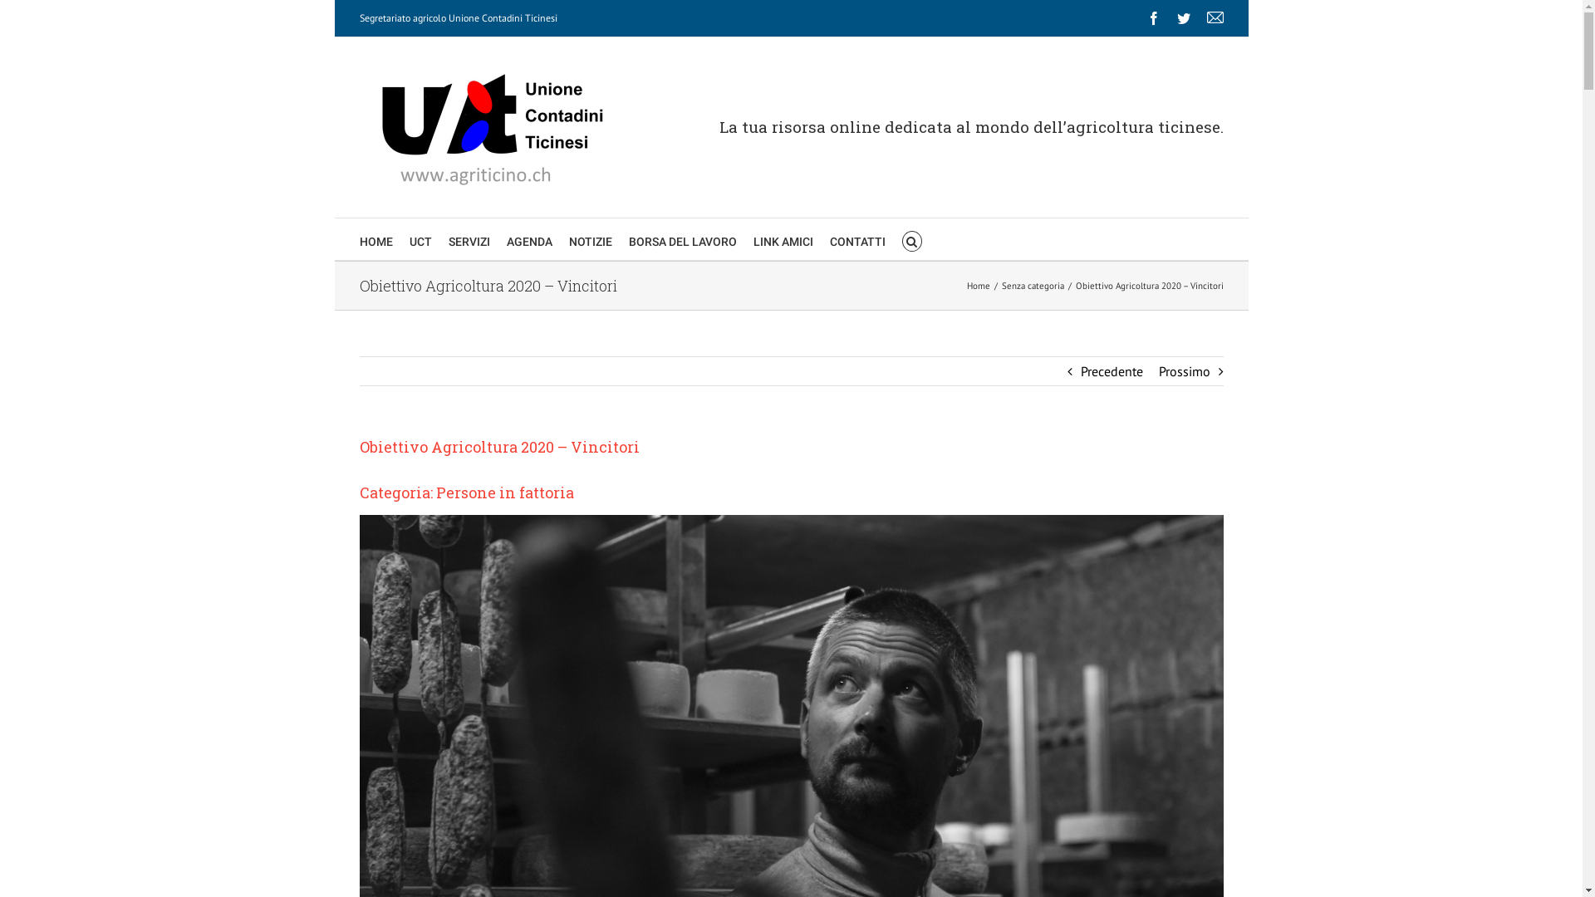 This screenshot has width=1595, height=897. Describe the element at coordinates (856, 239) in the screenshot. I see `'CONTATTI'` at that location.